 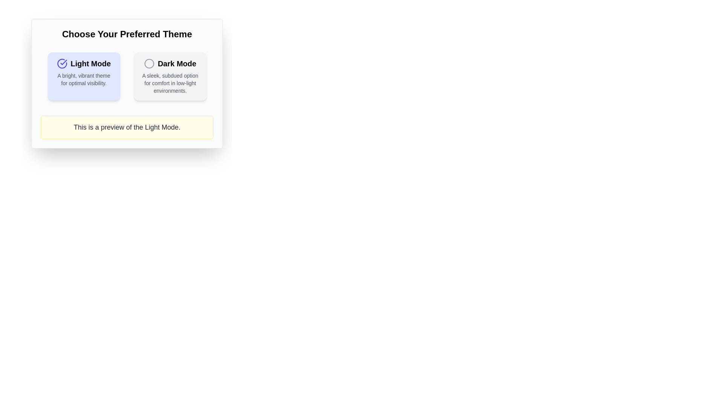 What do you see at coordinates (149, 63) in the screenshot?
I see `the circular SVG graphic icon that indicates the 'Dark Mode' option, located on the left side of the card within the 'Choose Your Preferred Theme' section` at bounding box center [149, 63].